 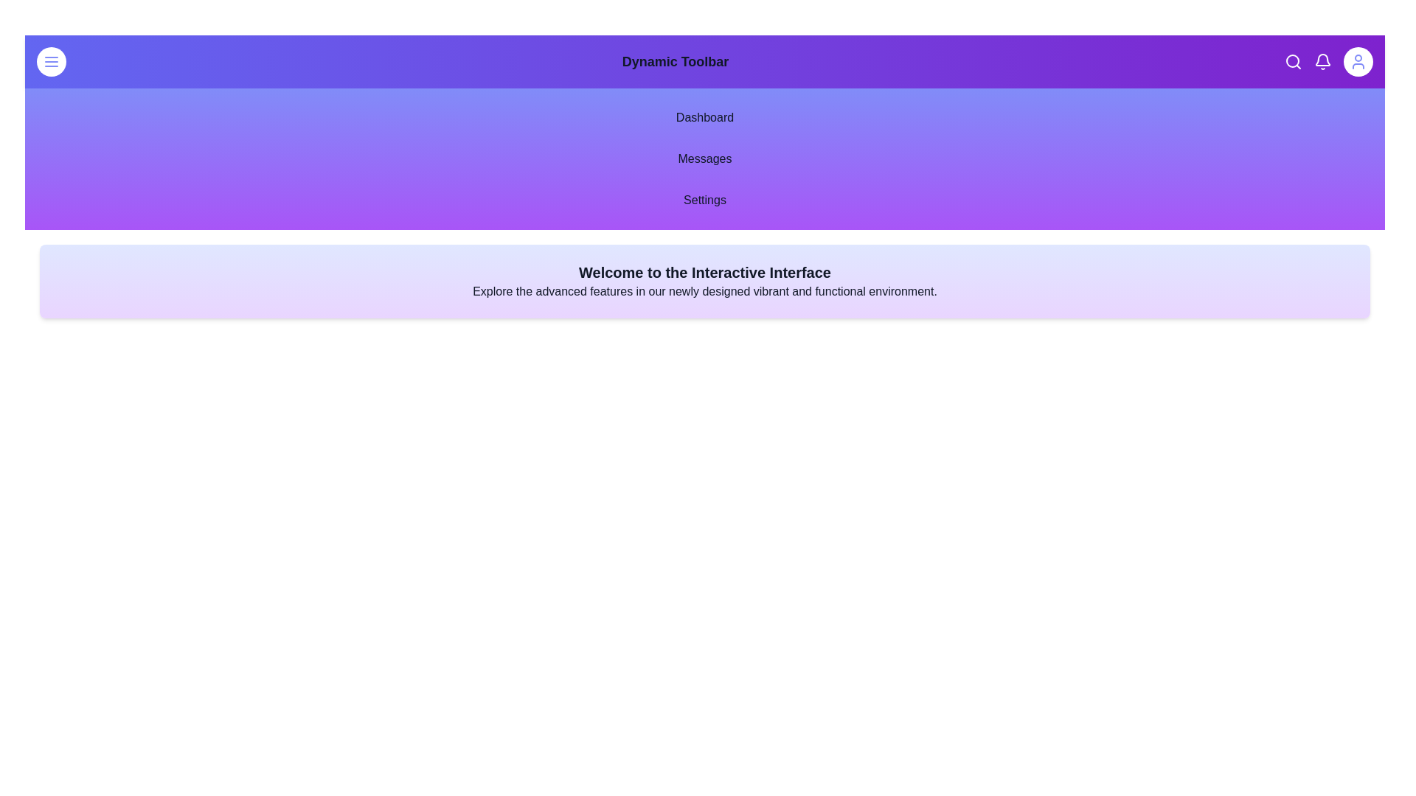 What do you see at coordinates (704, 200) in the screenshot?
I see `the Settings link to navigate to the respective section` at bounding box center [704, 200].